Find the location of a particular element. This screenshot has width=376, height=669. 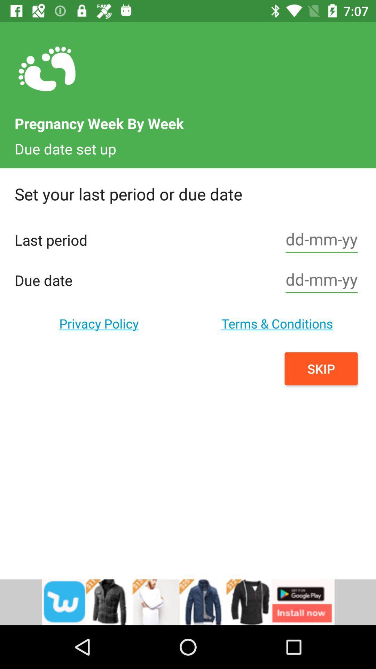

the option below the due date is located at coordinates (99, 323).